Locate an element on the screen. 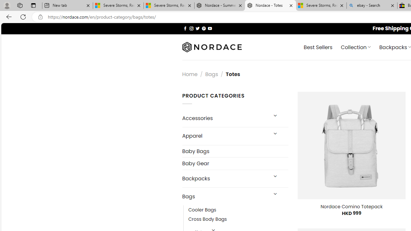 The image size is (411, 231). 'Baby Bags' is located at coordinates (235, 151).